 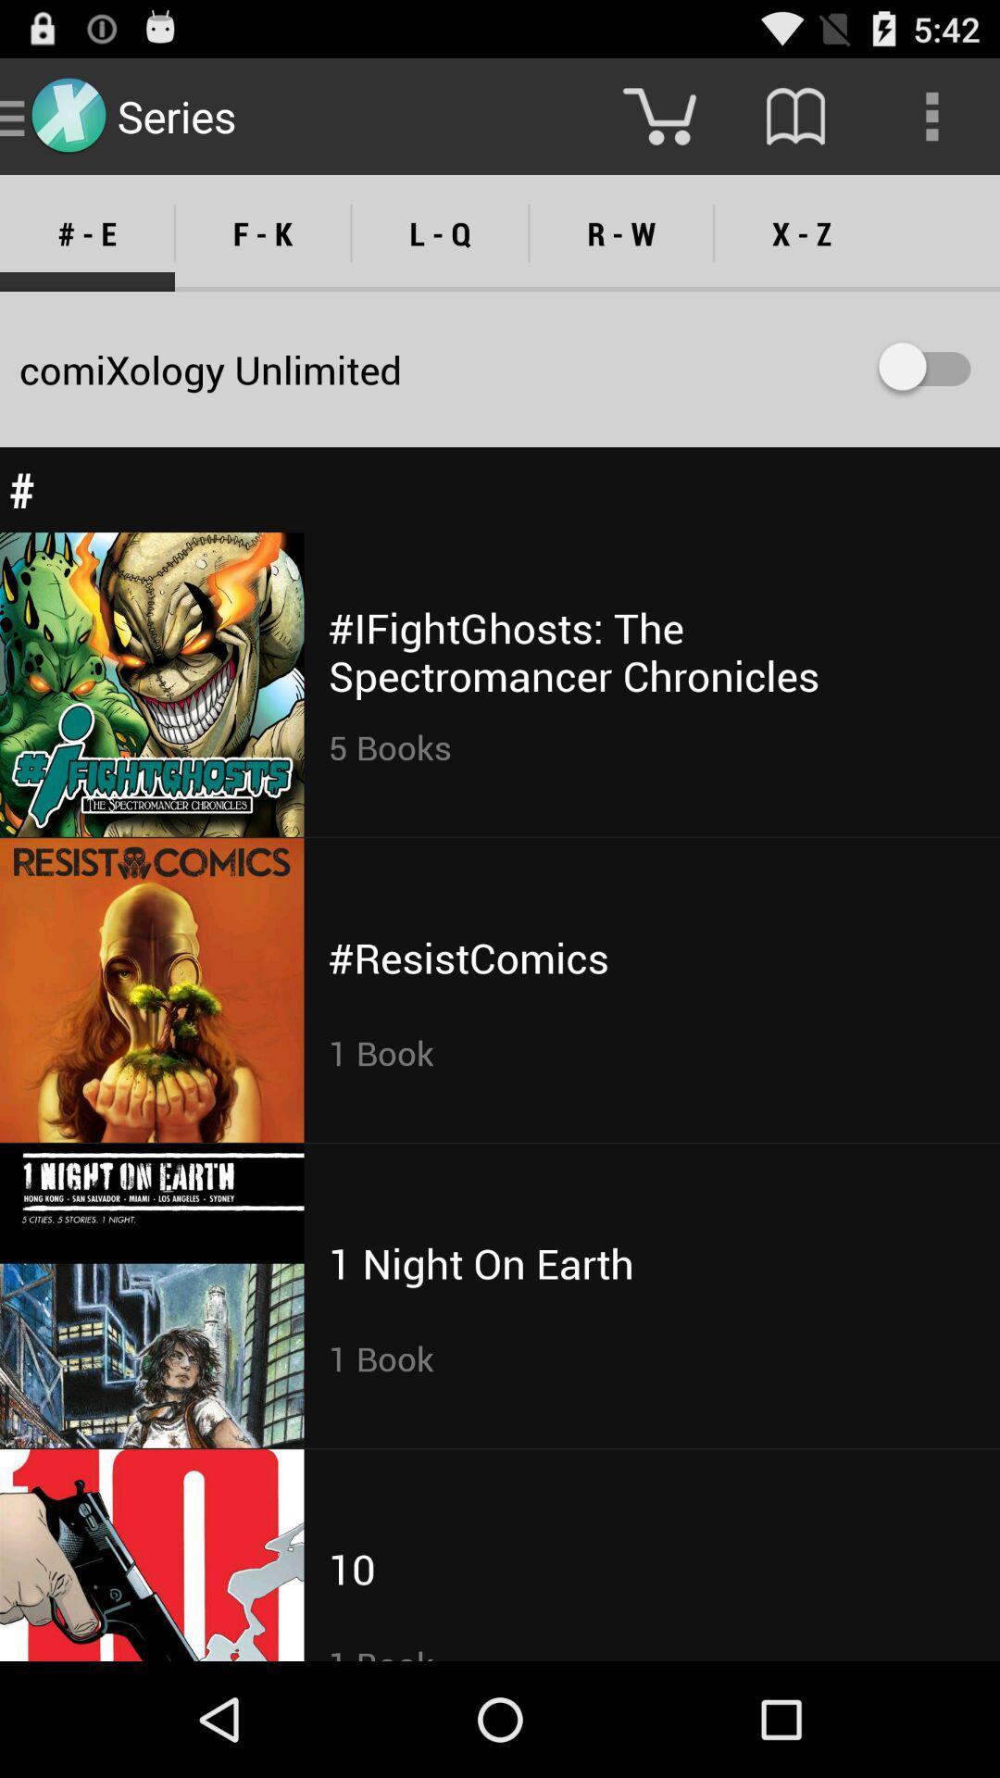 What do you see at coordinates (263, 232) in the screenshot?
I see `icon below the series app` at bounding box center [263, 232].